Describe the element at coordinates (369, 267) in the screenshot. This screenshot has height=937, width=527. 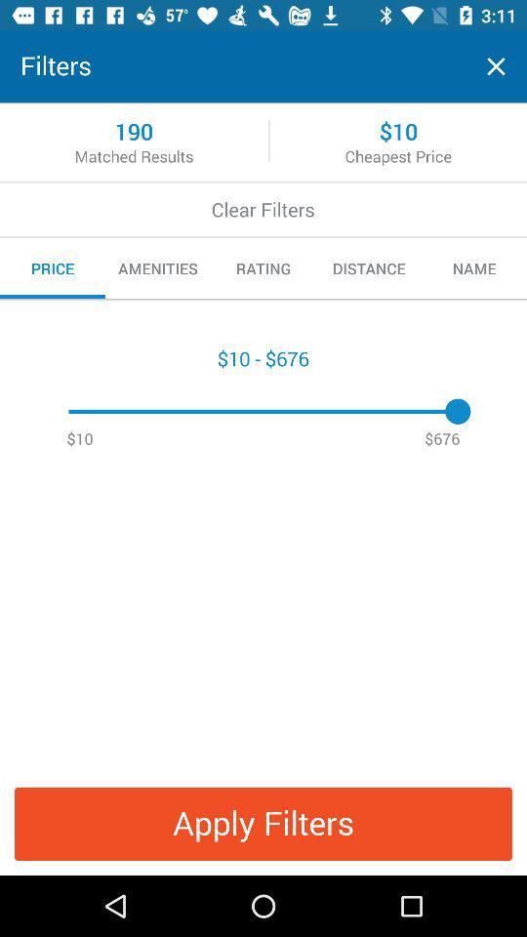
I see `the distance item` at that location.